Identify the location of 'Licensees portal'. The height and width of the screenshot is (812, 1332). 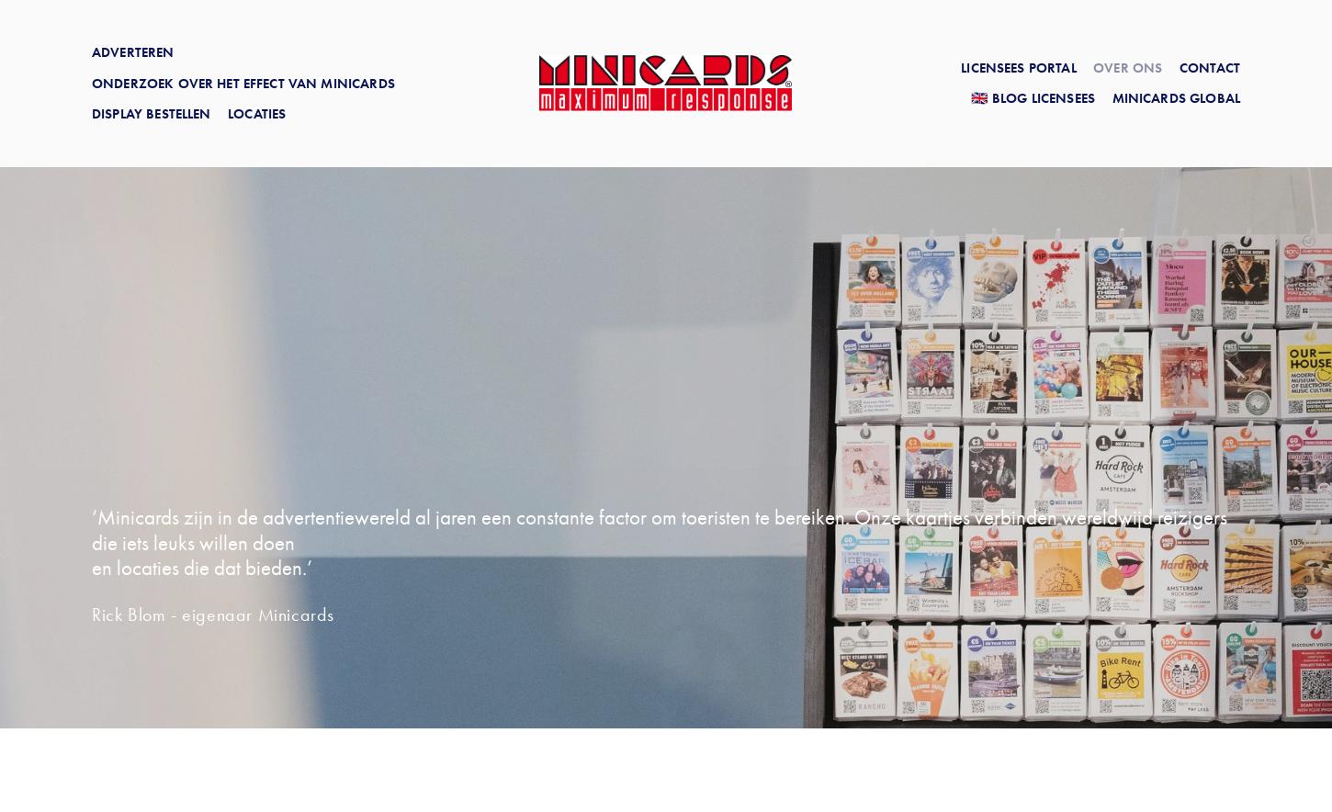
(1017, 66).